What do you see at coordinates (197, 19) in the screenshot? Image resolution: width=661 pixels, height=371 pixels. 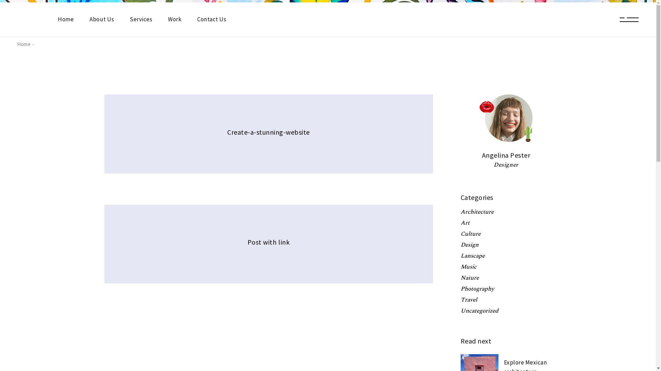 I see `'Contact Us'` at bounding box center [197, 19].